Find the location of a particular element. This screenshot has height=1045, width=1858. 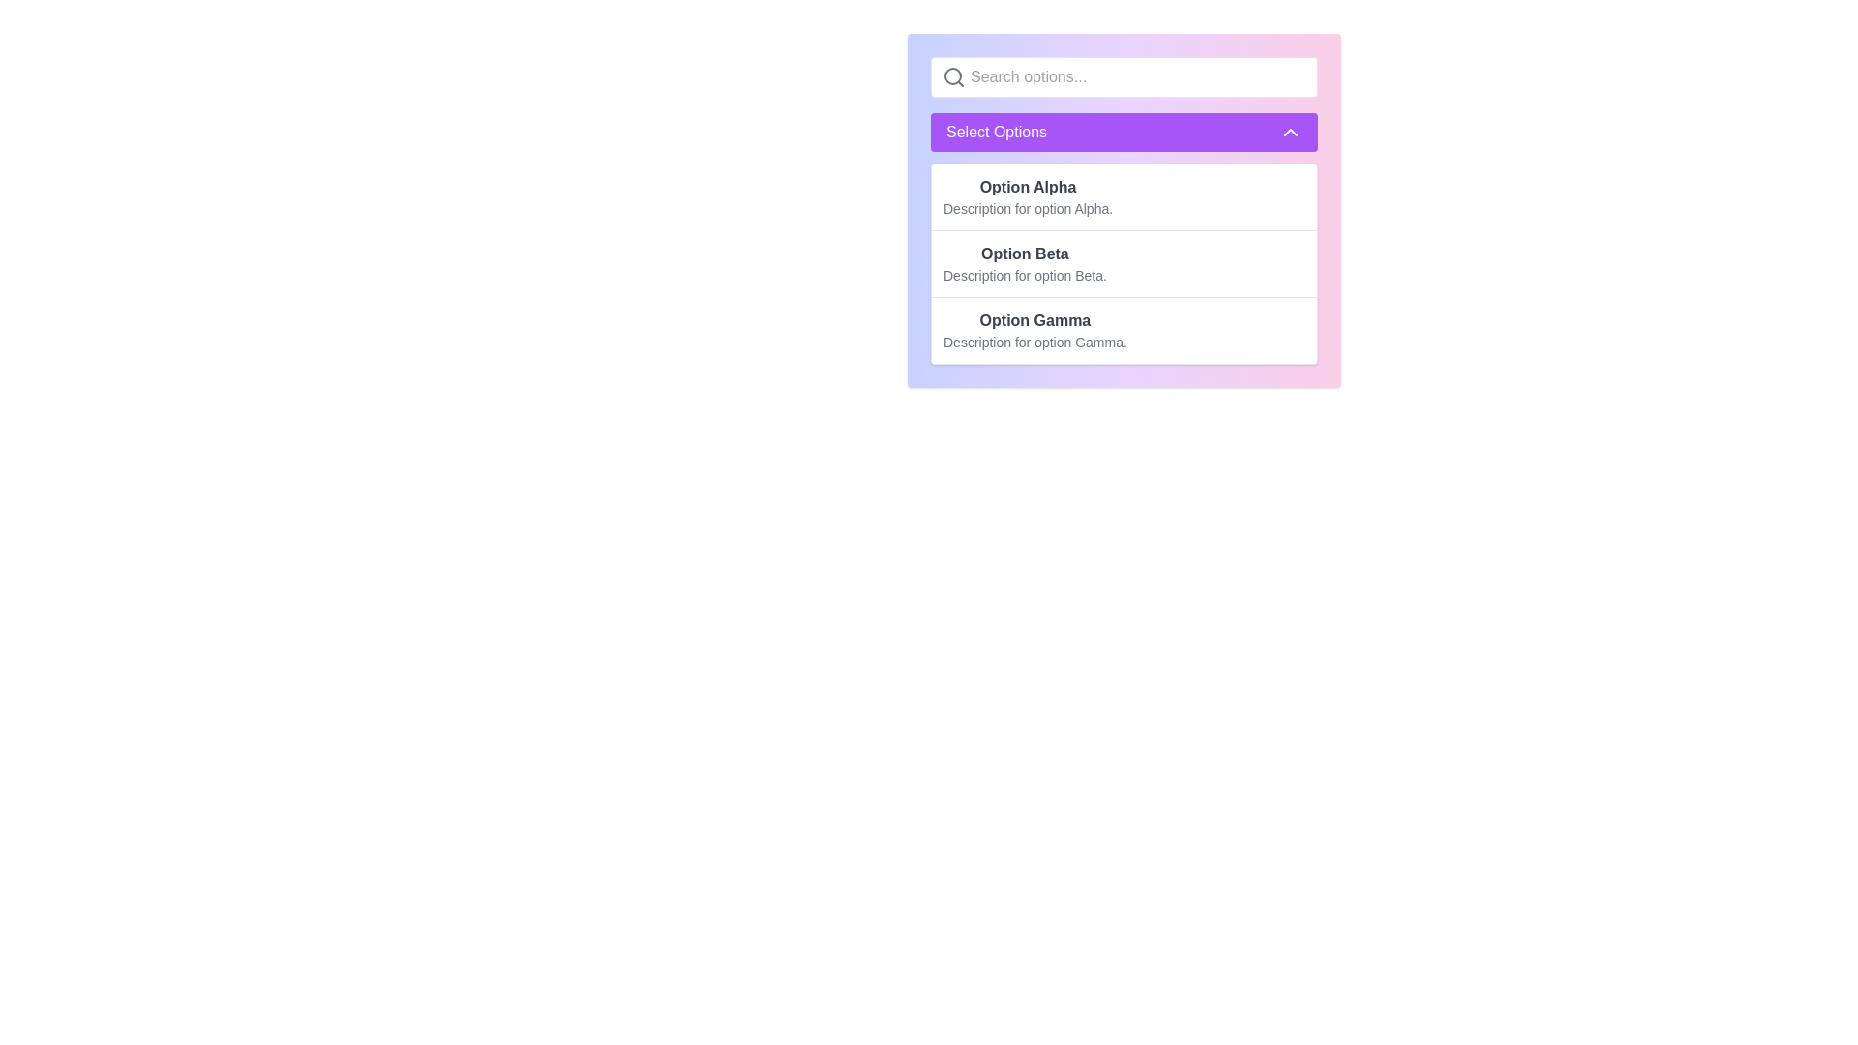

the second option entry in the dropdown menu, which allows users is located at coordinates (1024, 264).